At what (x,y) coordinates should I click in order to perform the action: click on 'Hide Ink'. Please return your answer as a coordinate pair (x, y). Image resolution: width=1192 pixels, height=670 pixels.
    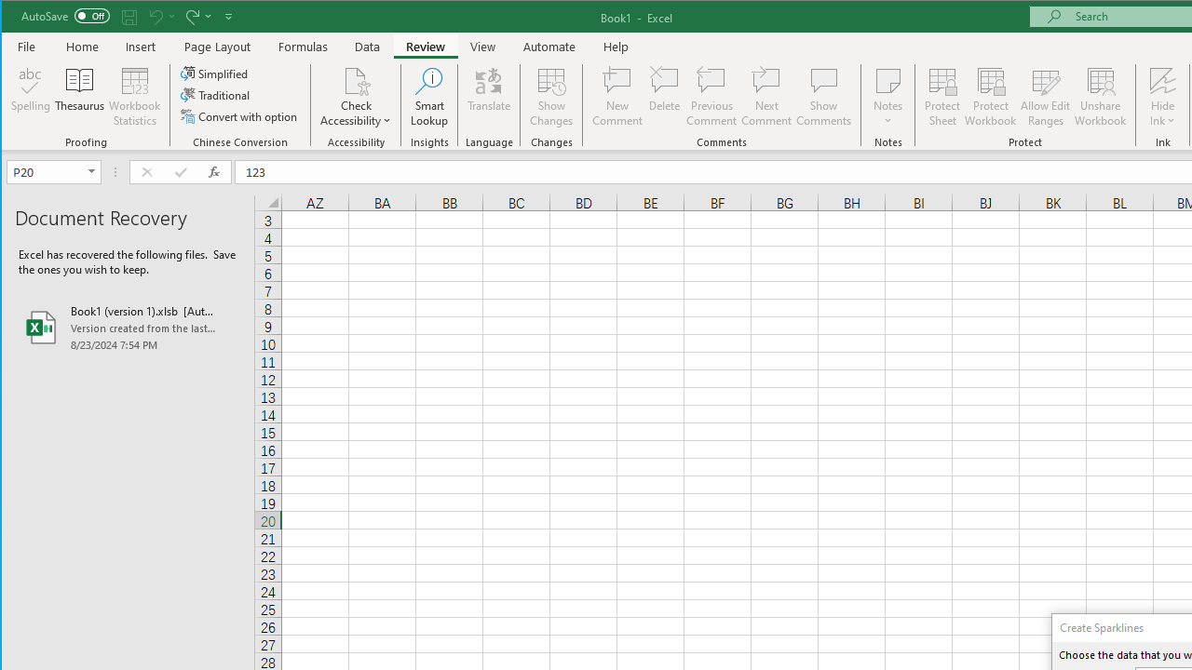
    Looking at the image, I should click on (1161, 79).